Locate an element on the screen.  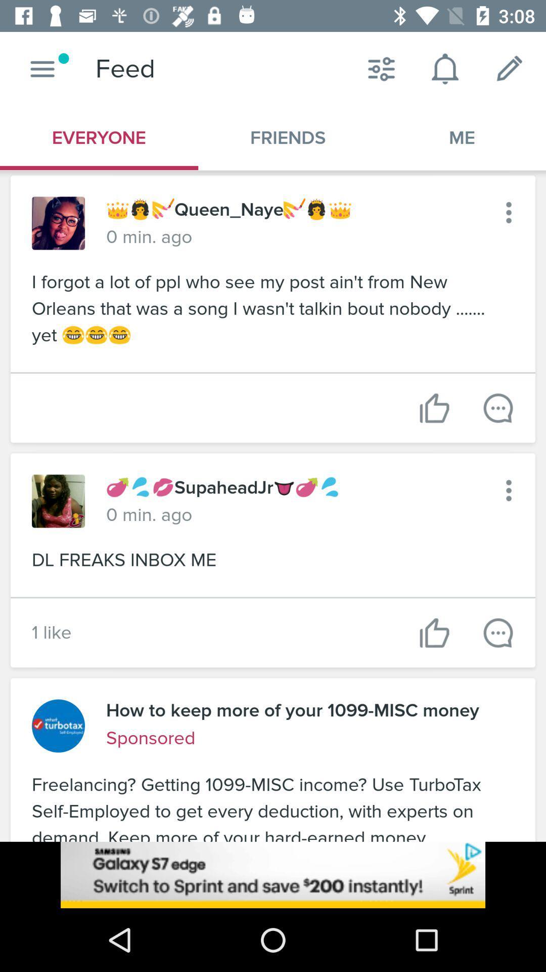
button is located at coordinates (42, 68).